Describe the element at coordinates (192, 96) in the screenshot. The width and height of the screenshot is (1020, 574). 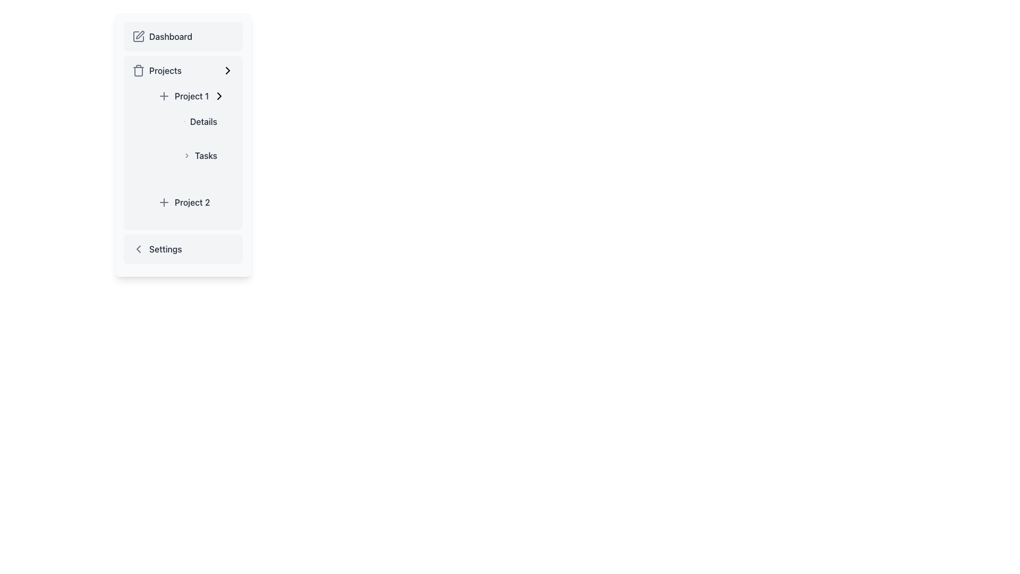
I see `the text label displaying 'Project 1' in gray, which is part of the sidebar navigation element` at that location.